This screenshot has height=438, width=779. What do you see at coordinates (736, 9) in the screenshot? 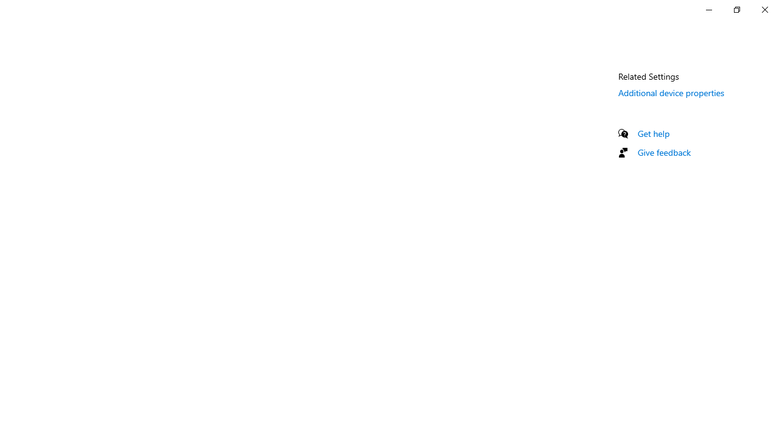
I see `'Restore Settings'` at bounding box center [736, 9].